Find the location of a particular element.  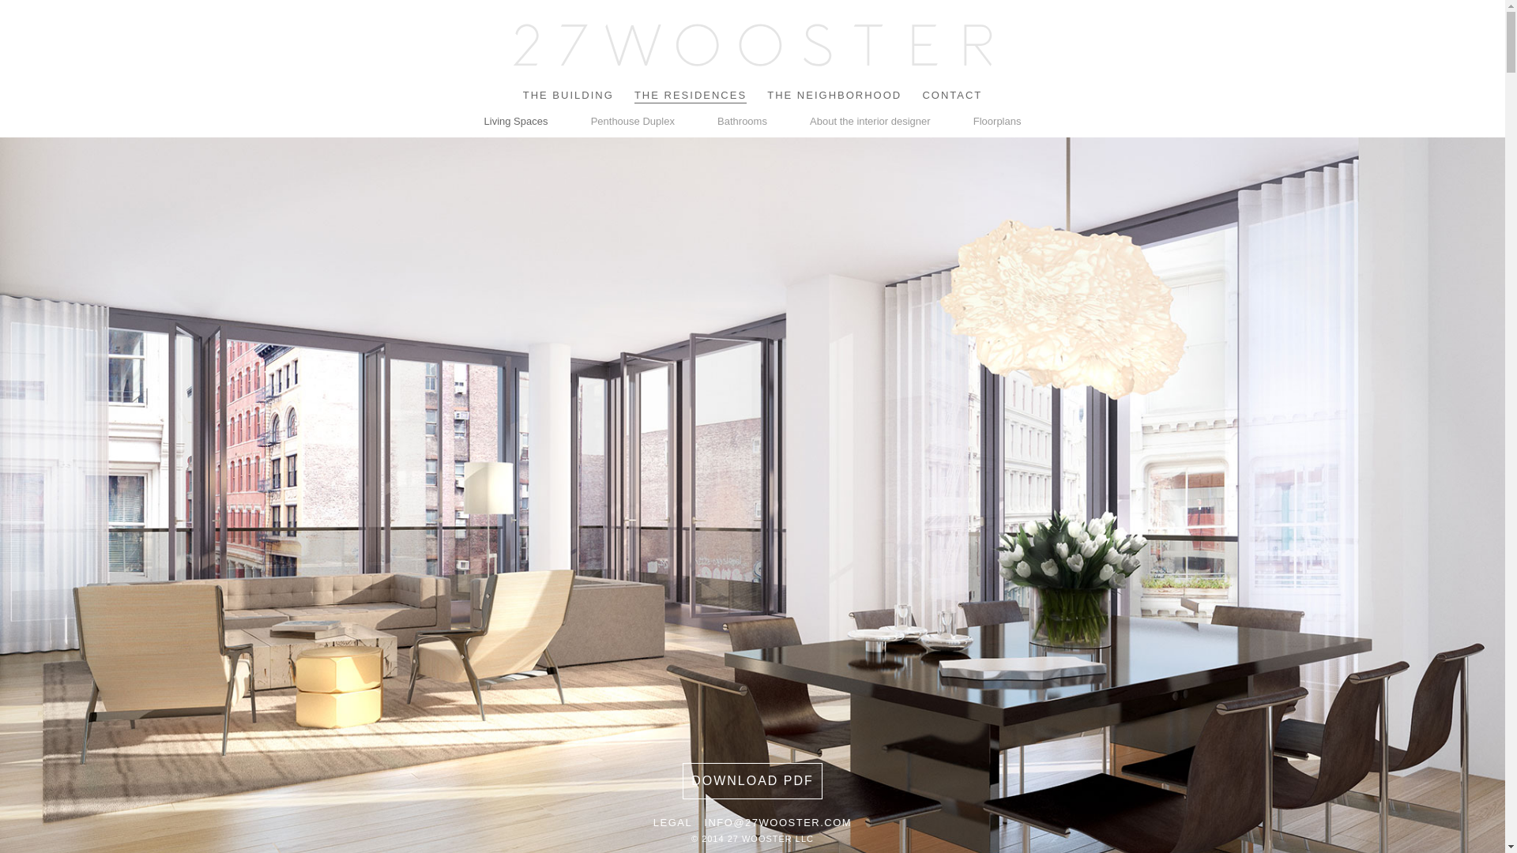

'THE RESIDENCES' is located at coordinates (690, 95).